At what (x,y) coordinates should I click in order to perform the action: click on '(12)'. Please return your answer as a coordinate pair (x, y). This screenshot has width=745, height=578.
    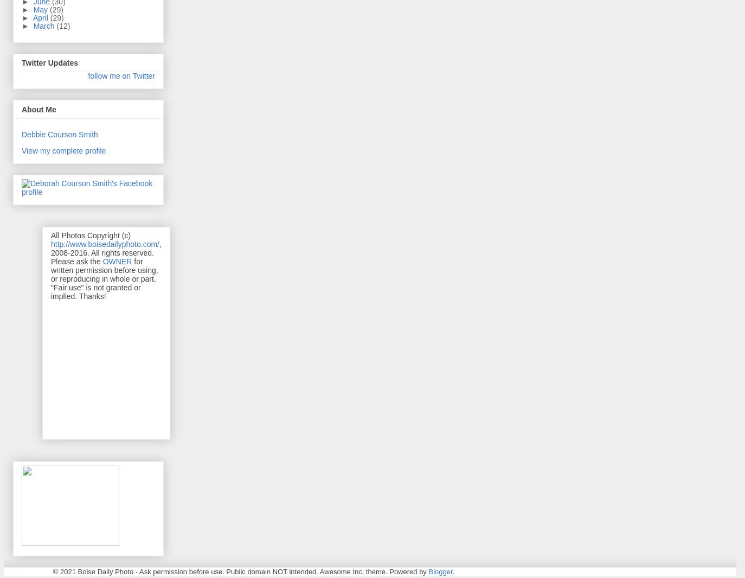
    Looking at the image, I should click on (62, 24).